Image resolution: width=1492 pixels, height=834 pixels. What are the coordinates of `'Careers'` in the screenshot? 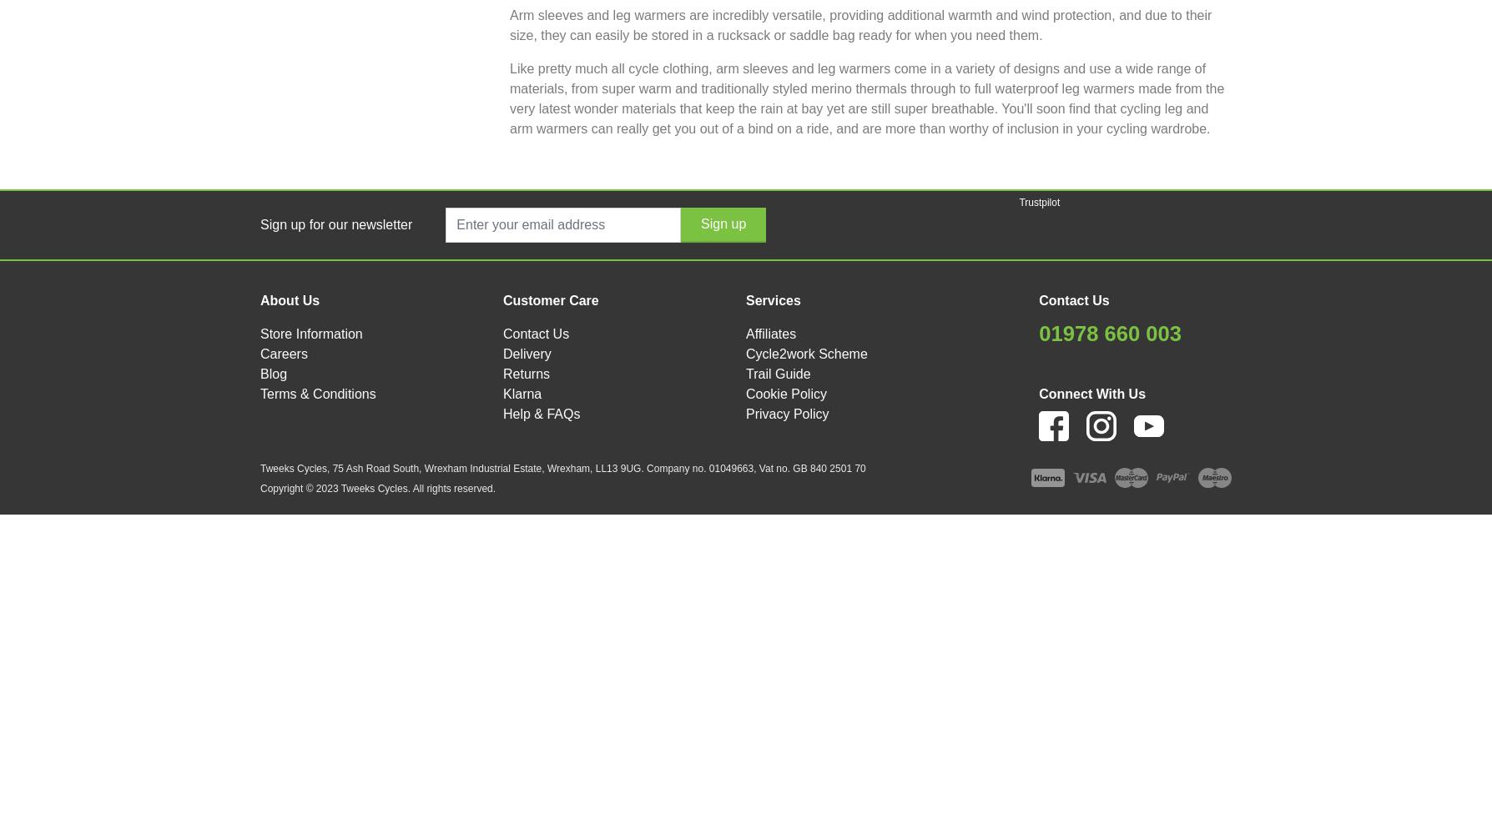 It's located at (283, 353).